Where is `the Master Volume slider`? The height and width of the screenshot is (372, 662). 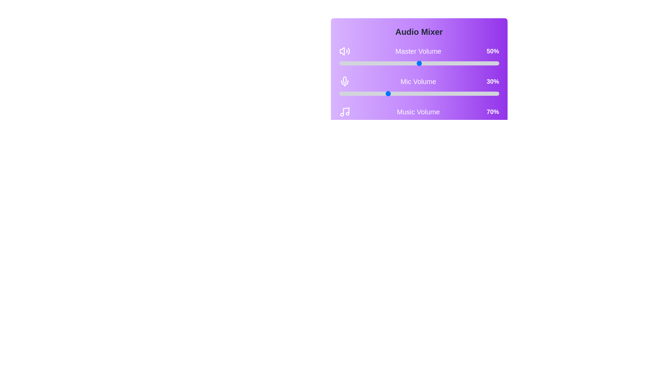
the Master Volume slider is located at coordinates (369, 63).